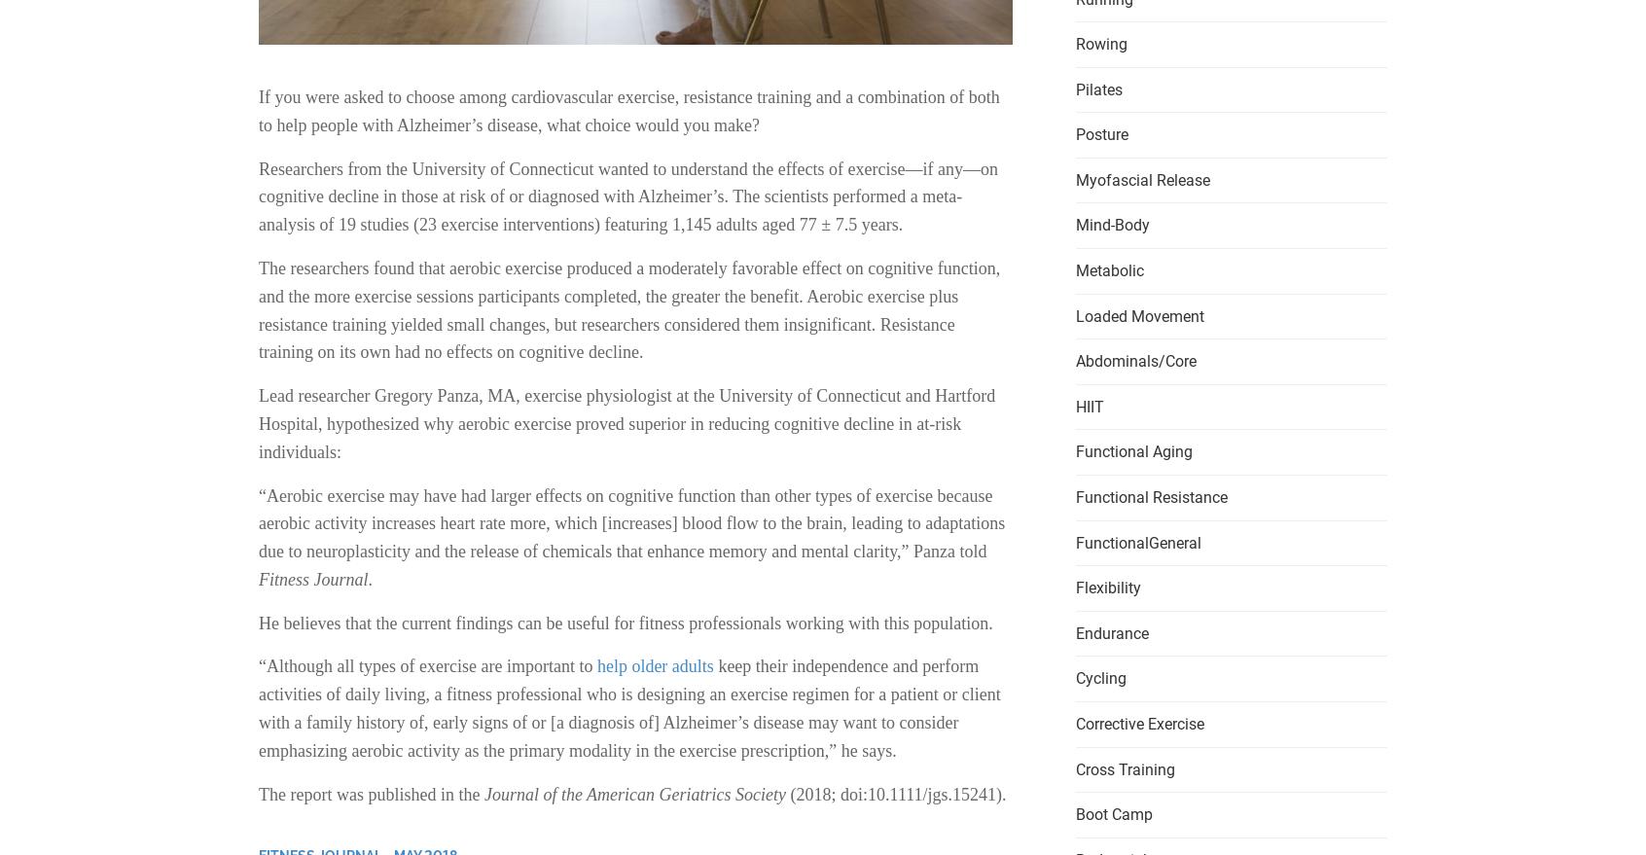  Describe the element at coordinates (1097, 88) in the screenshot. I see `'Pilates'` at that location.